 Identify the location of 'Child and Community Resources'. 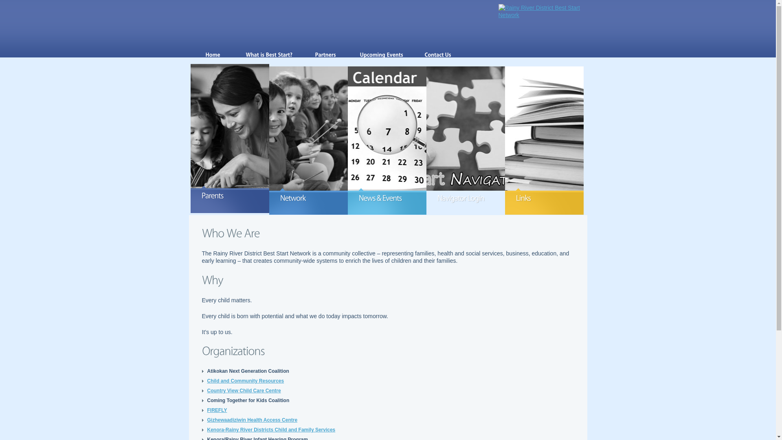
(207, 381).